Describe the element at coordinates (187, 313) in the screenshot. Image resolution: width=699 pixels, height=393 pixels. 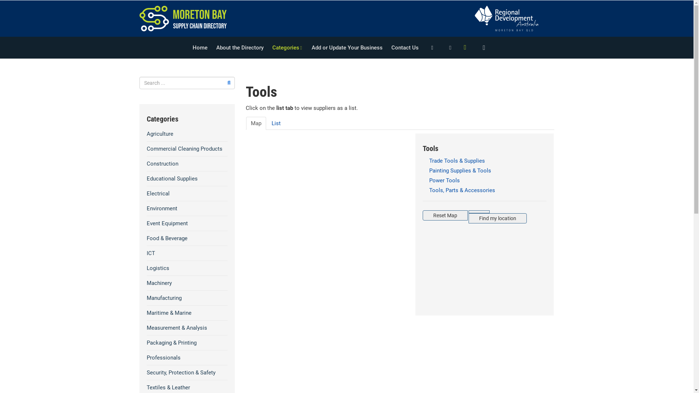
I see `'Maritime & Marine'` at that location.